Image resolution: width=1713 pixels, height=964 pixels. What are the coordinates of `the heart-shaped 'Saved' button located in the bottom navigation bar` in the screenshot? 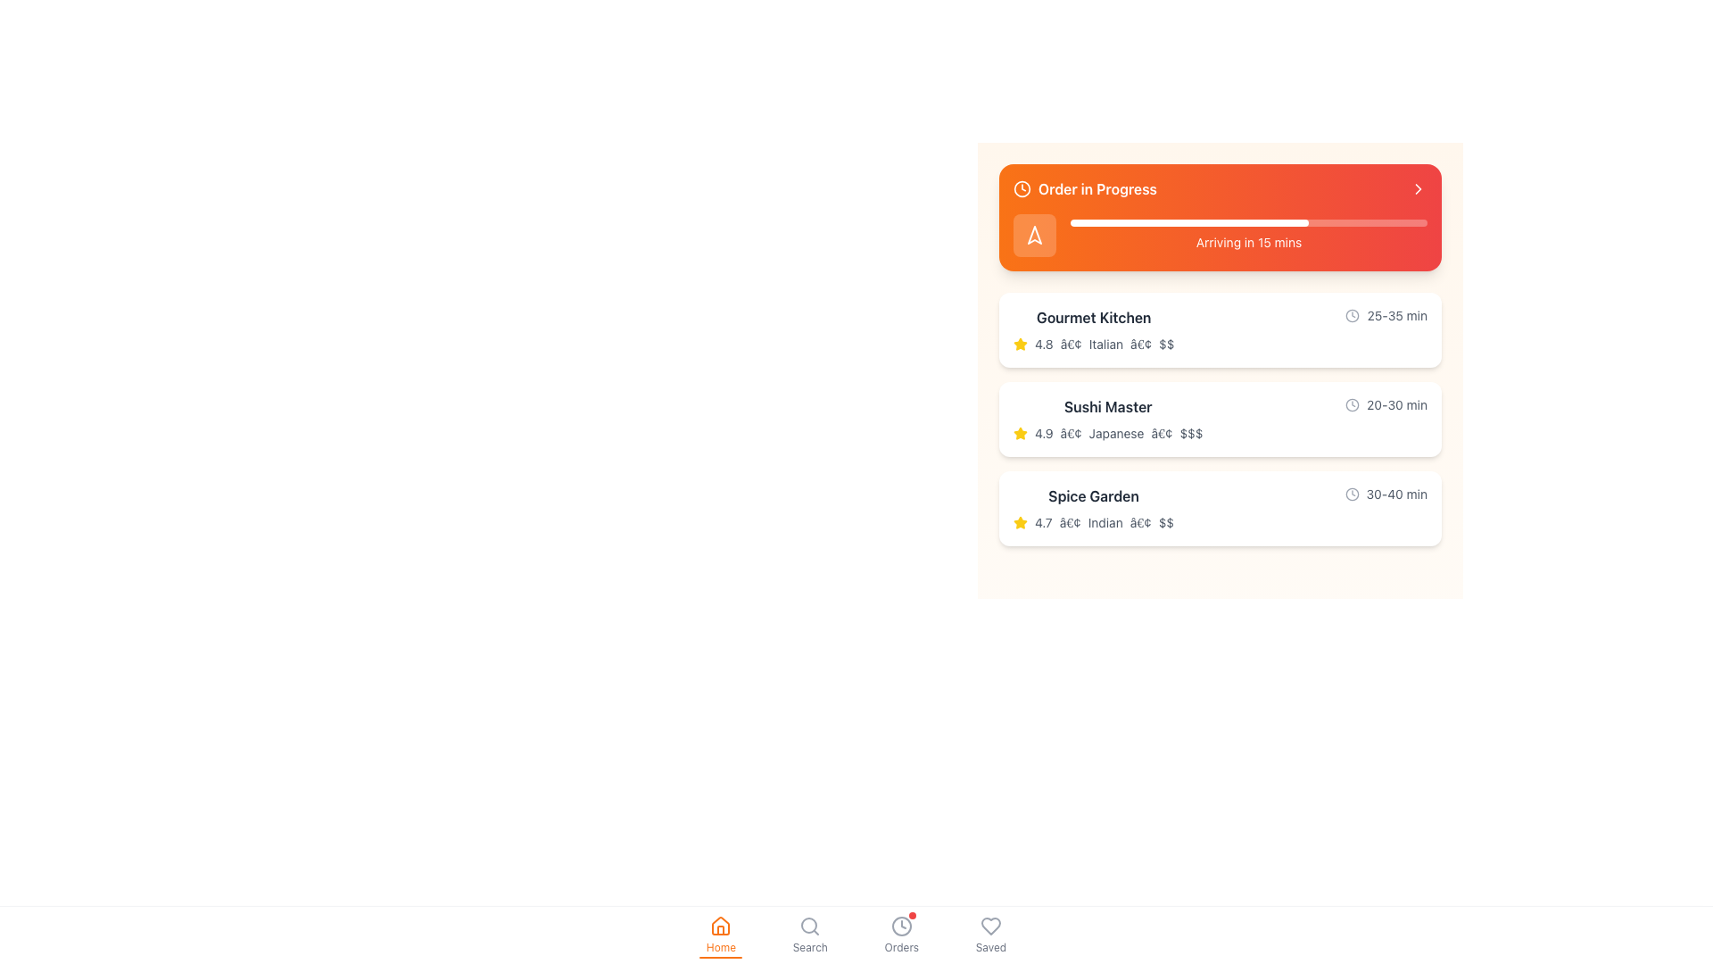 It's located at (989, 925).